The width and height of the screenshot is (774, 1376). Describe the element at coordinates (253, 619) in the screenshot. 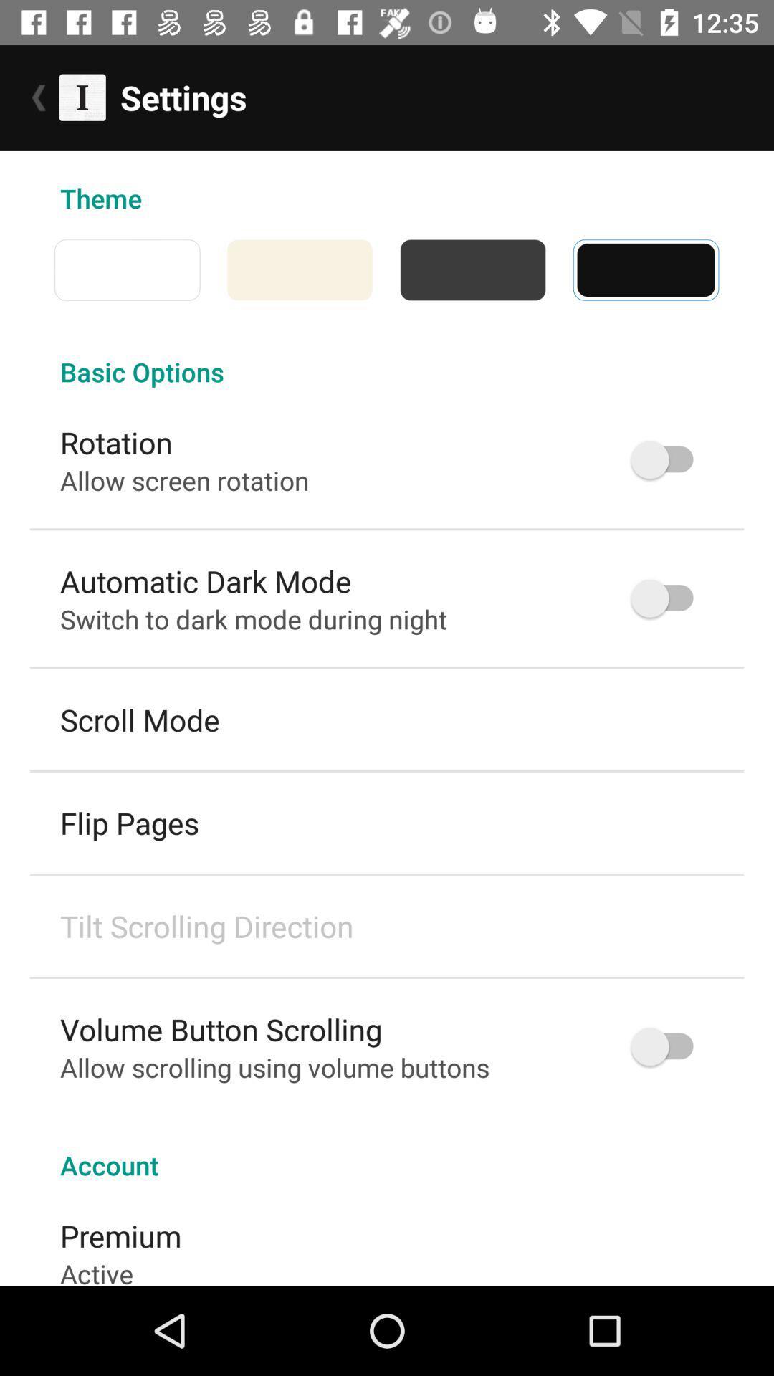

I see `item below automatic dark mode icon` at that location.